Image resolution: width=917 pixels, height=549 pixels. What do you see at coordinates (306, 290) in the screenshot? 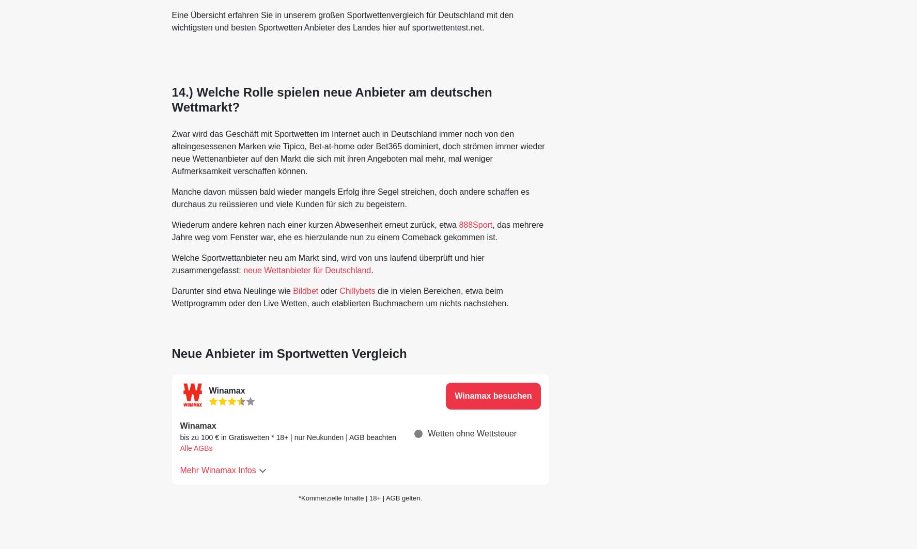
I see `'Bildbet'` at bounding box center [306, 290].